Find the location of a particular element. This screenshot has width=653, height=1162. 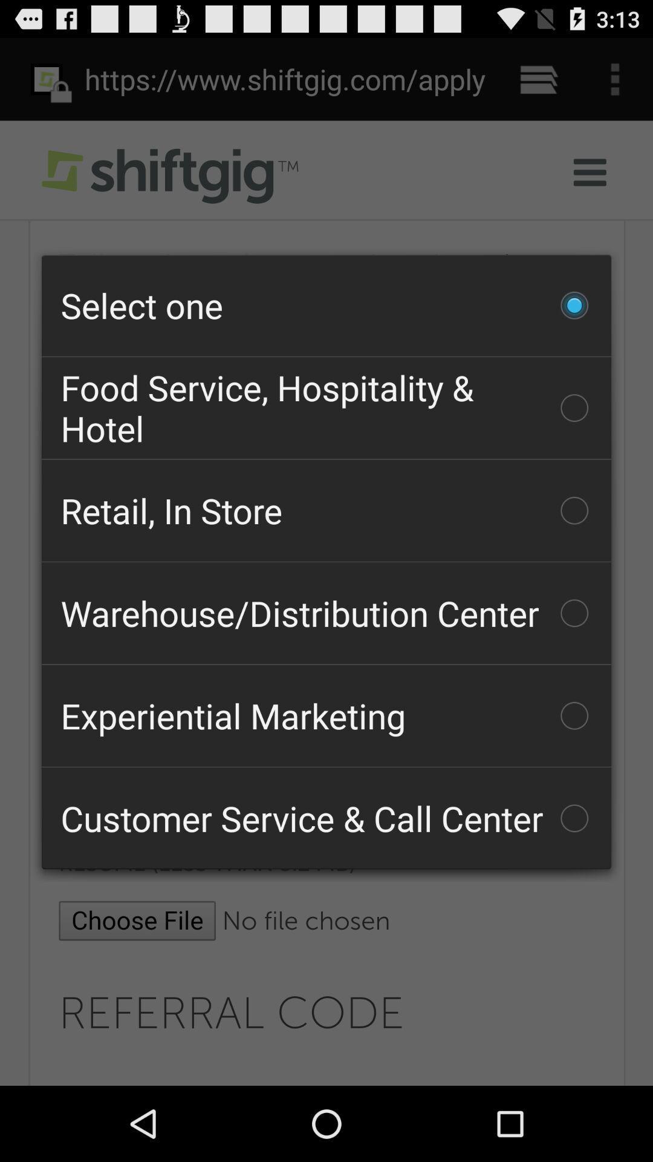

warehouse/distribution center icon is located at coordinates (326, 613).